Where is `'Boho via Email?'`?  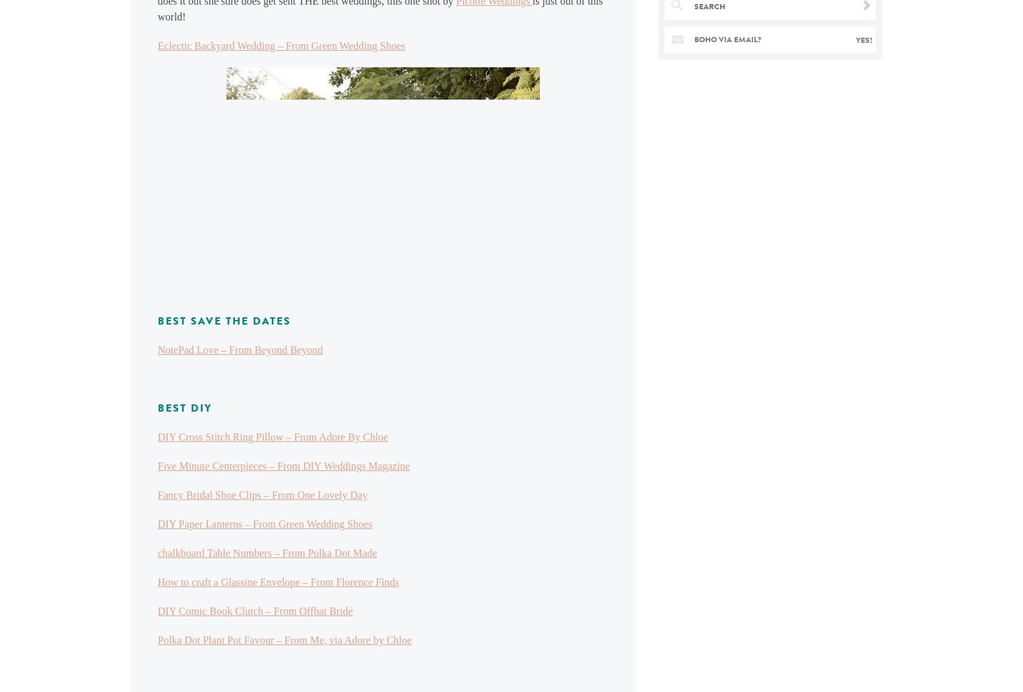 'Boho via Email?' is located at coordinates (694, 40).